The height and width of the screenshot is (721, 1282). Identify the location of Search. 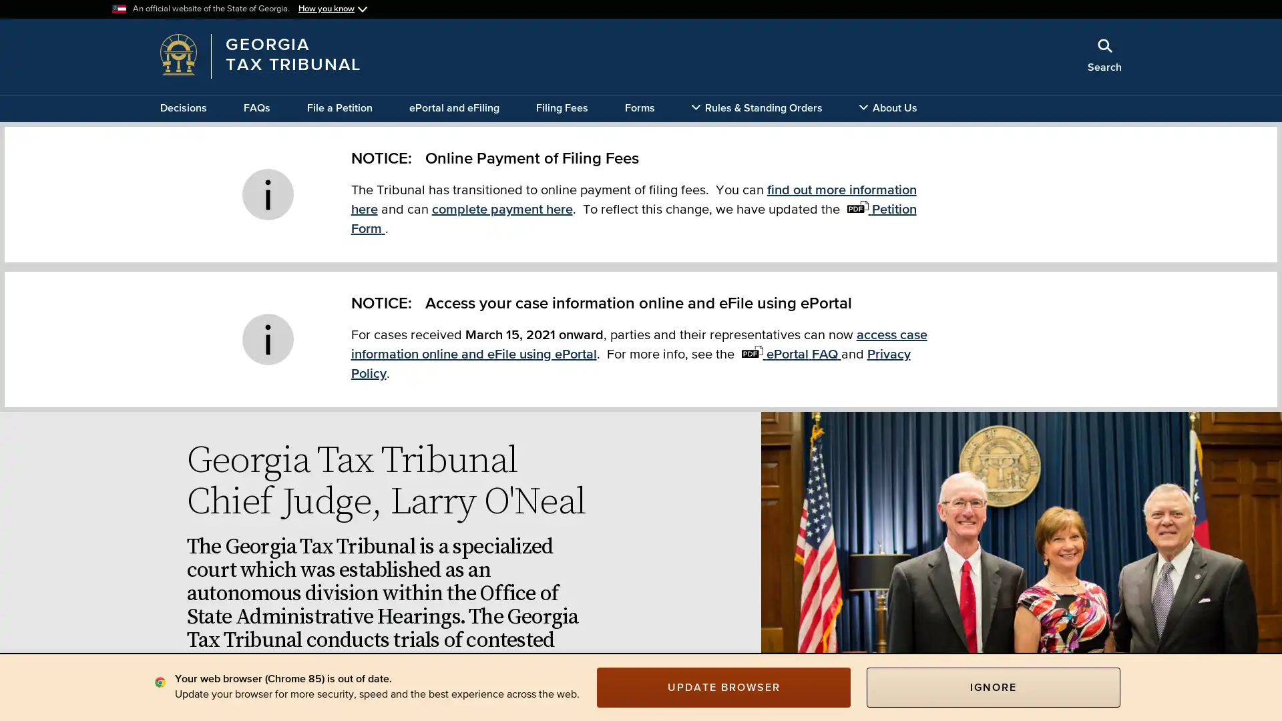
(1050, 188).